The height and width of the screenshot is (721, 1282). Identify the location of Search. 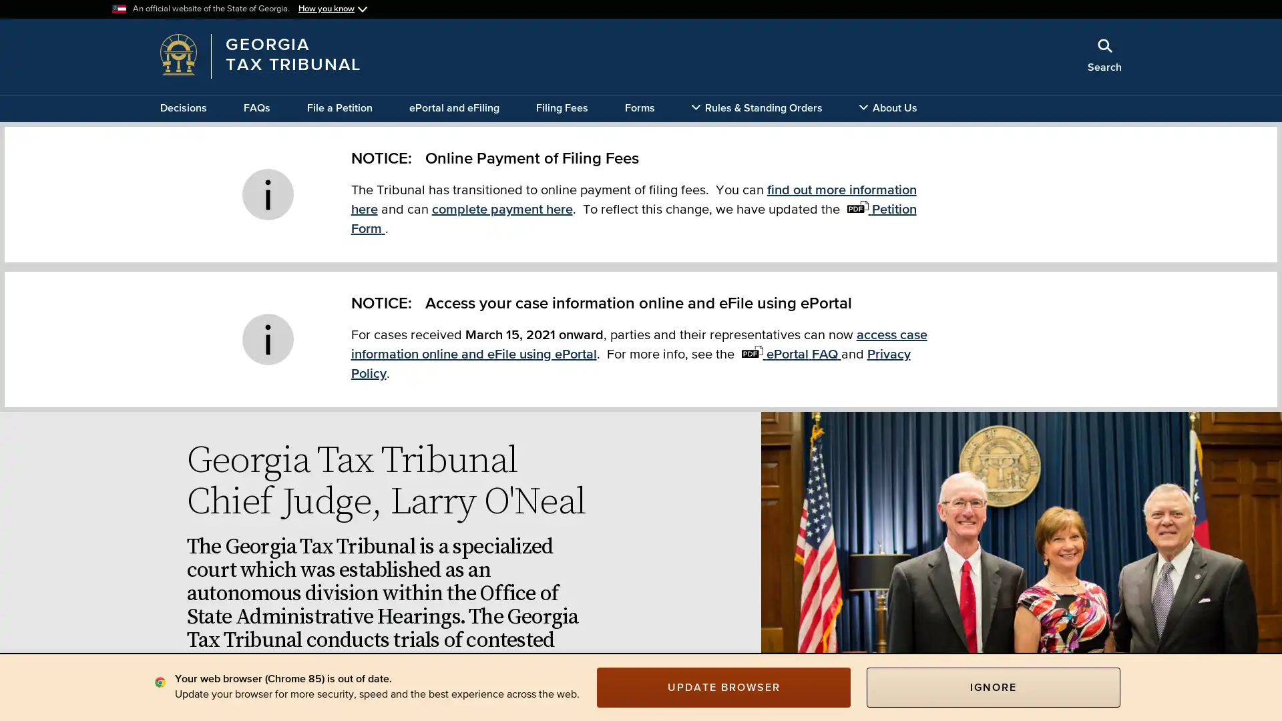
(1050, 188).